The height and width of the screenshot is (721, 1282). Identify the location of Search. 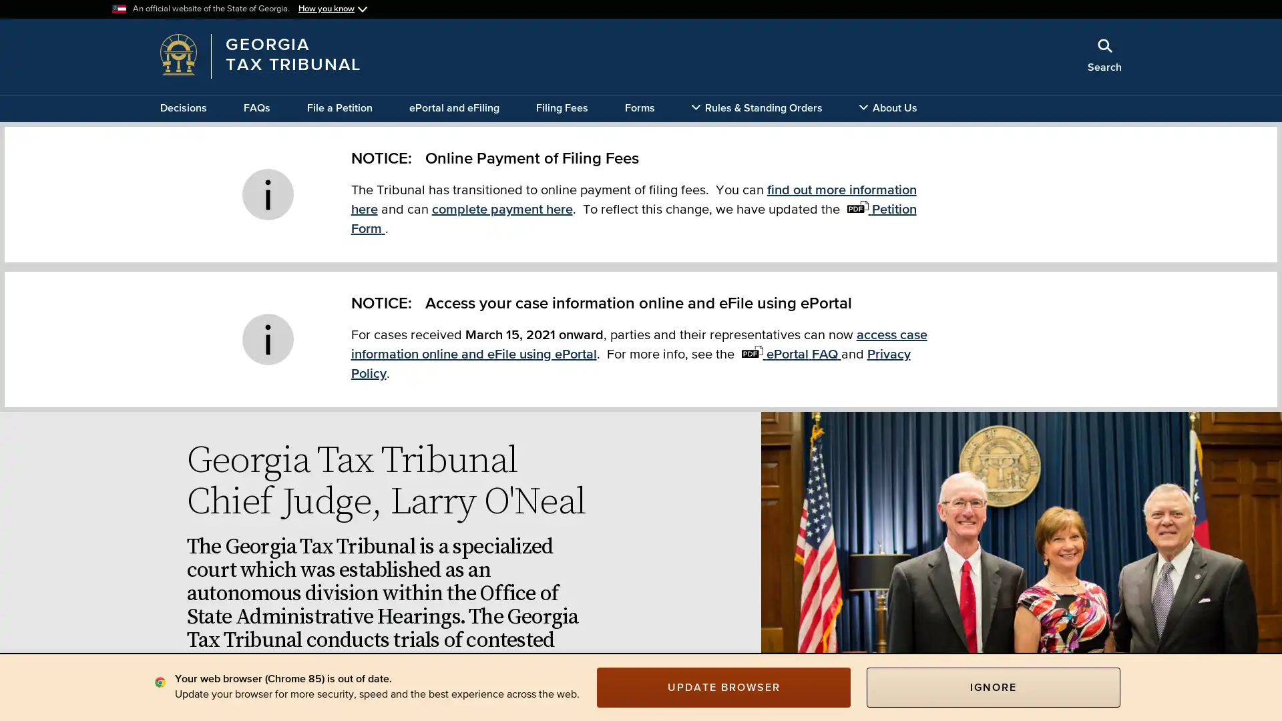
(1050, 188).